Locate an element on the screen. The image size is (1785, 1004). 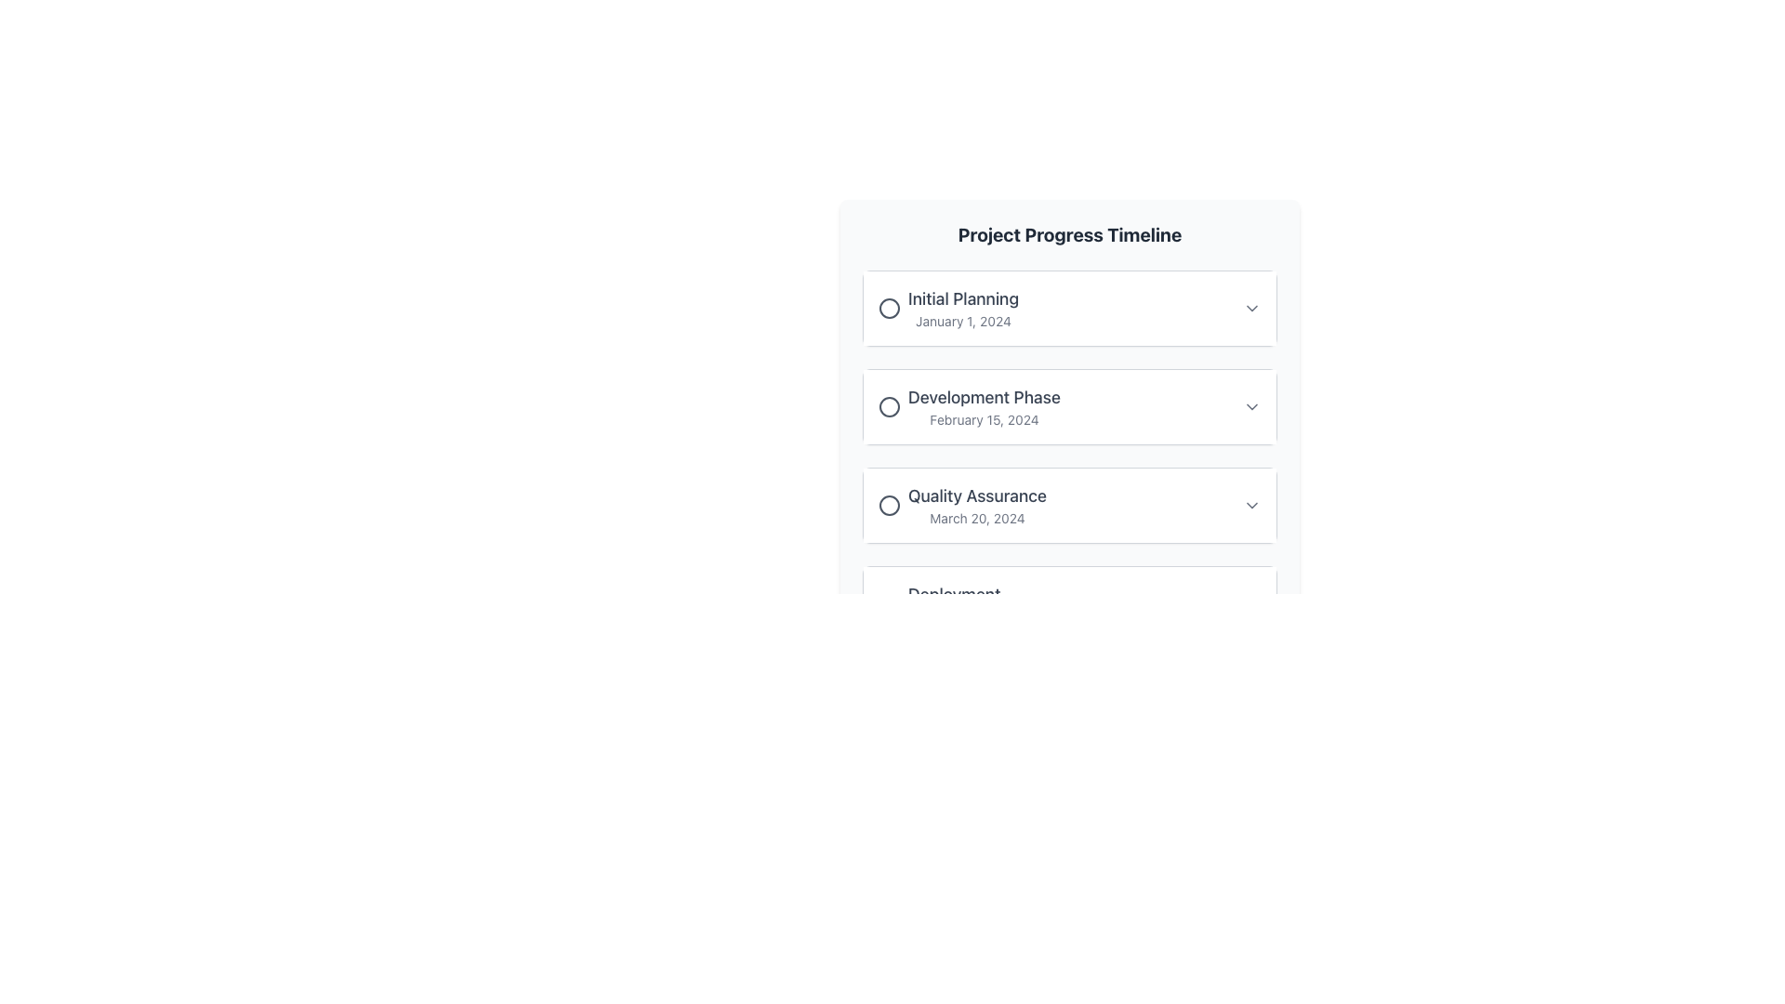
the decorative icon or indicator representing the third milestone in the timeline, located to the left of the 'Quality Assurance' milestone is located at coordinates (888, 505).